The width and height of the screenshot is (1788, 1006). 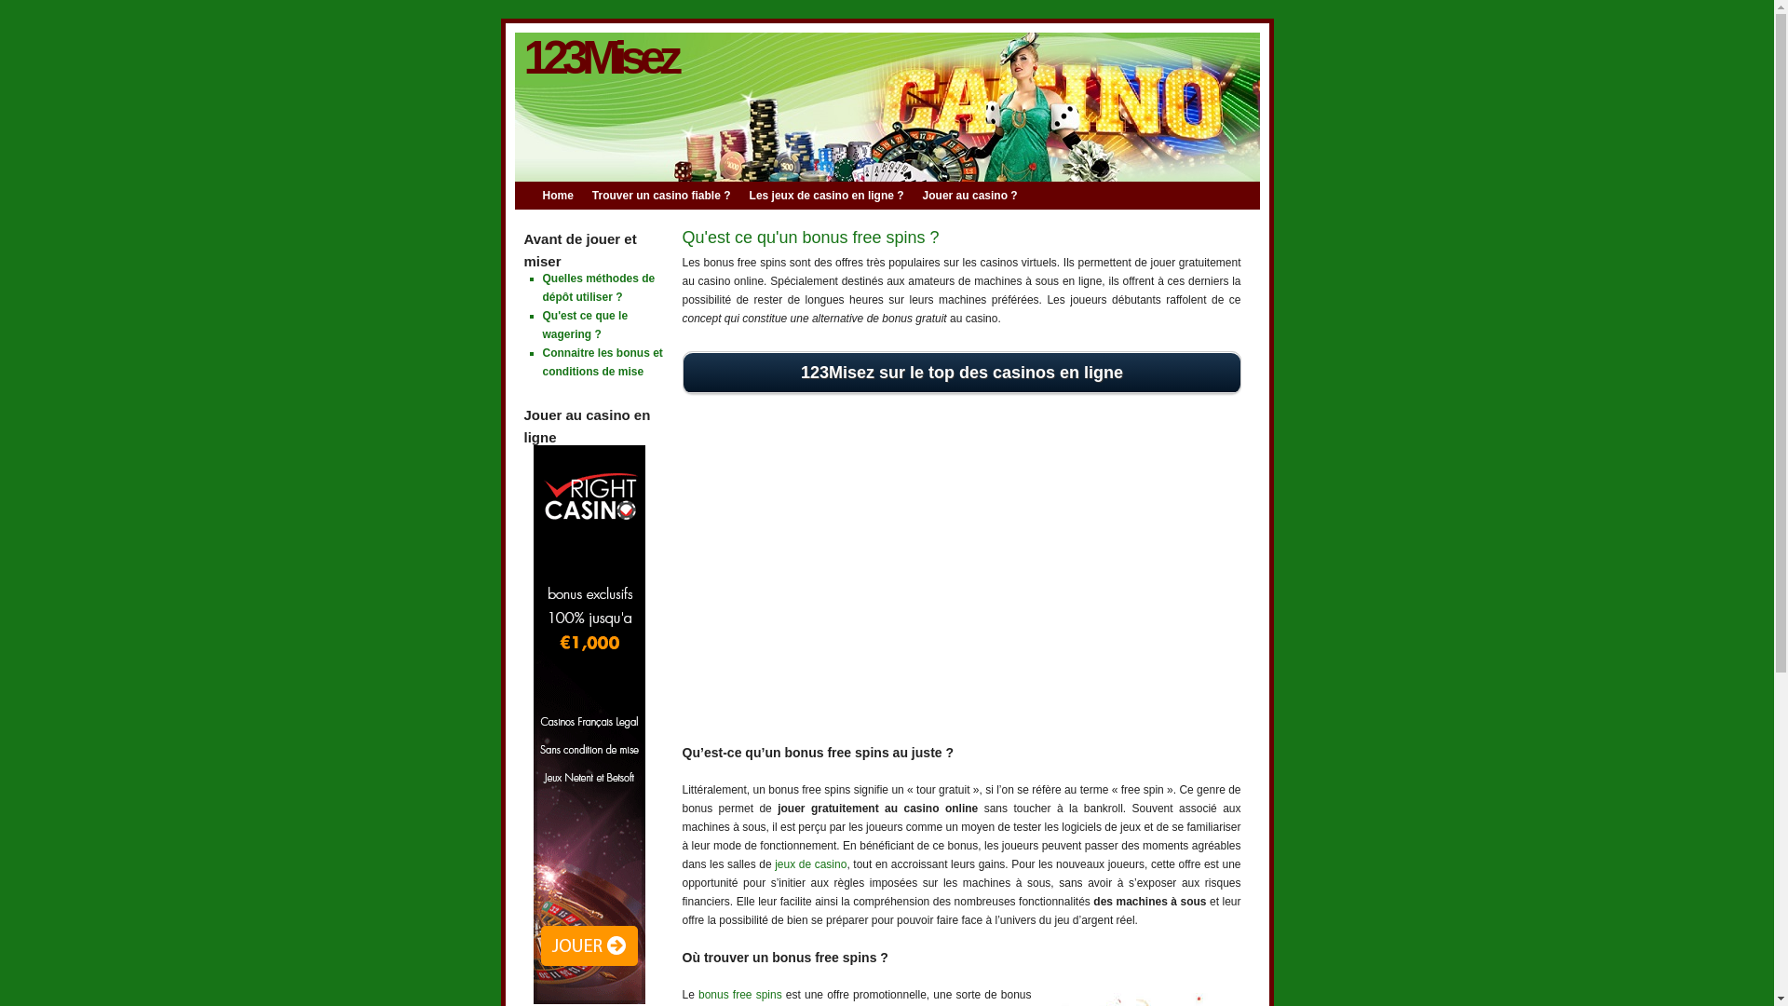 I want to click on 'Les jeux de casino en ligne ?', so click(x=834, y=195).